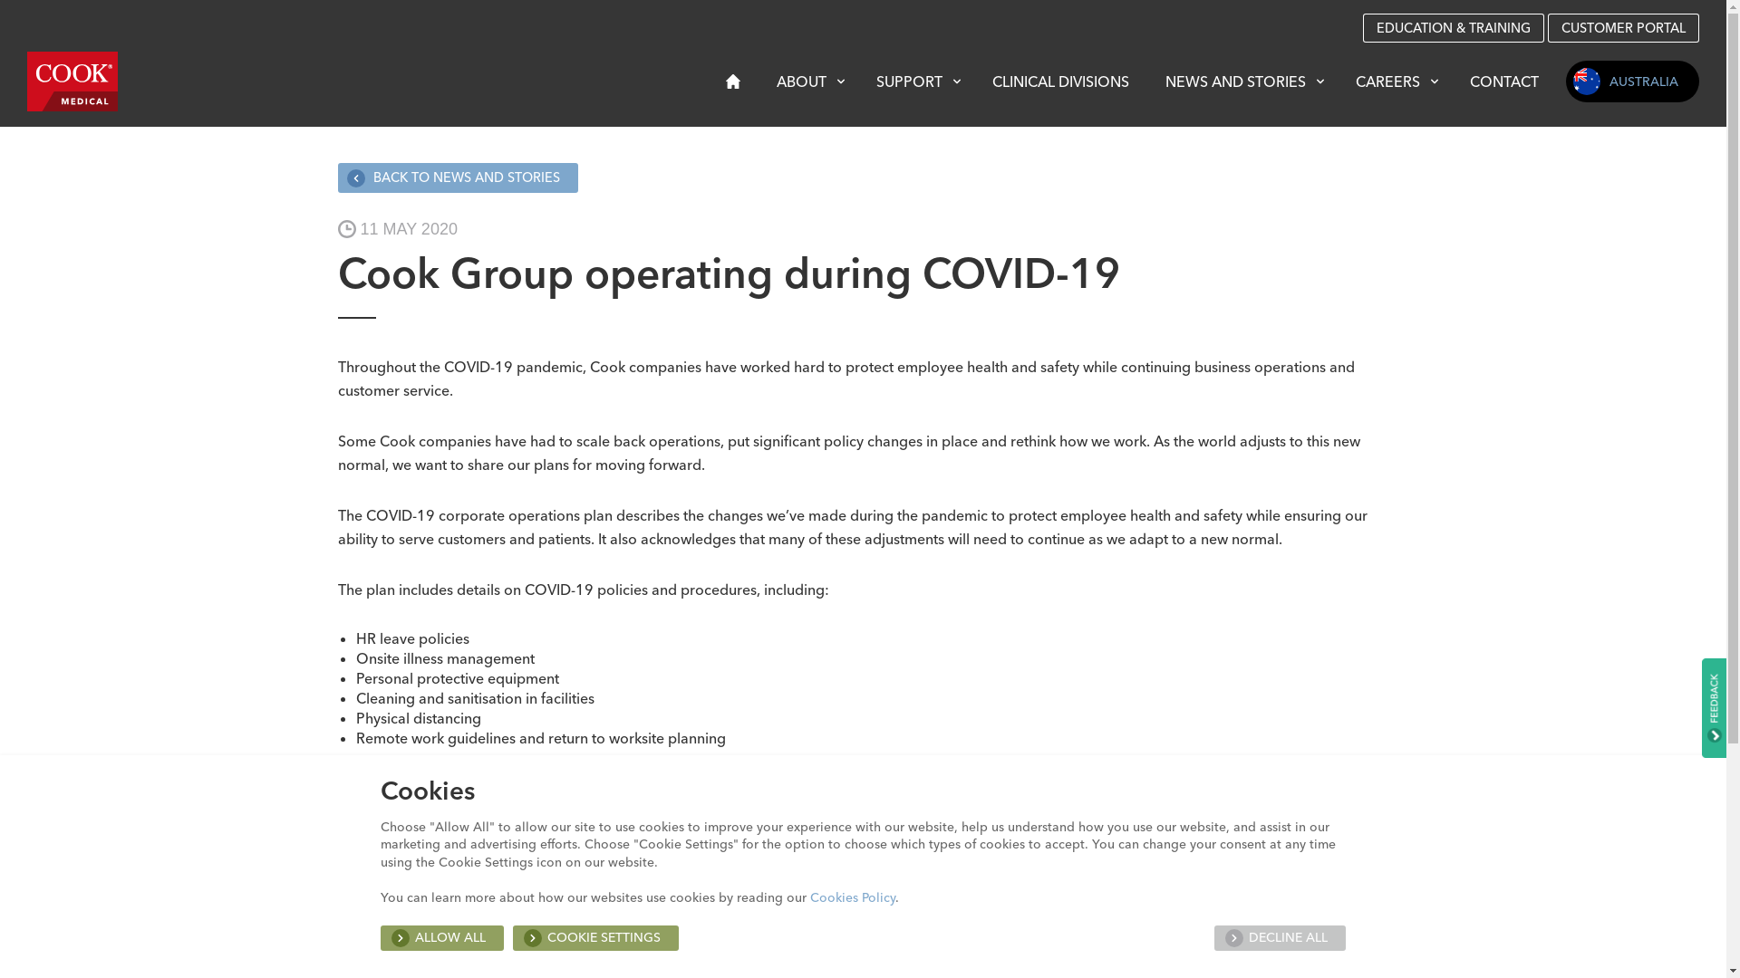 The width and height of the screenshot is (1740, 978). What do you see at coordinates (595, 937) in the screenshot?
I see `'COOKIE SETTINGS'` at bounding box center [595, 937].